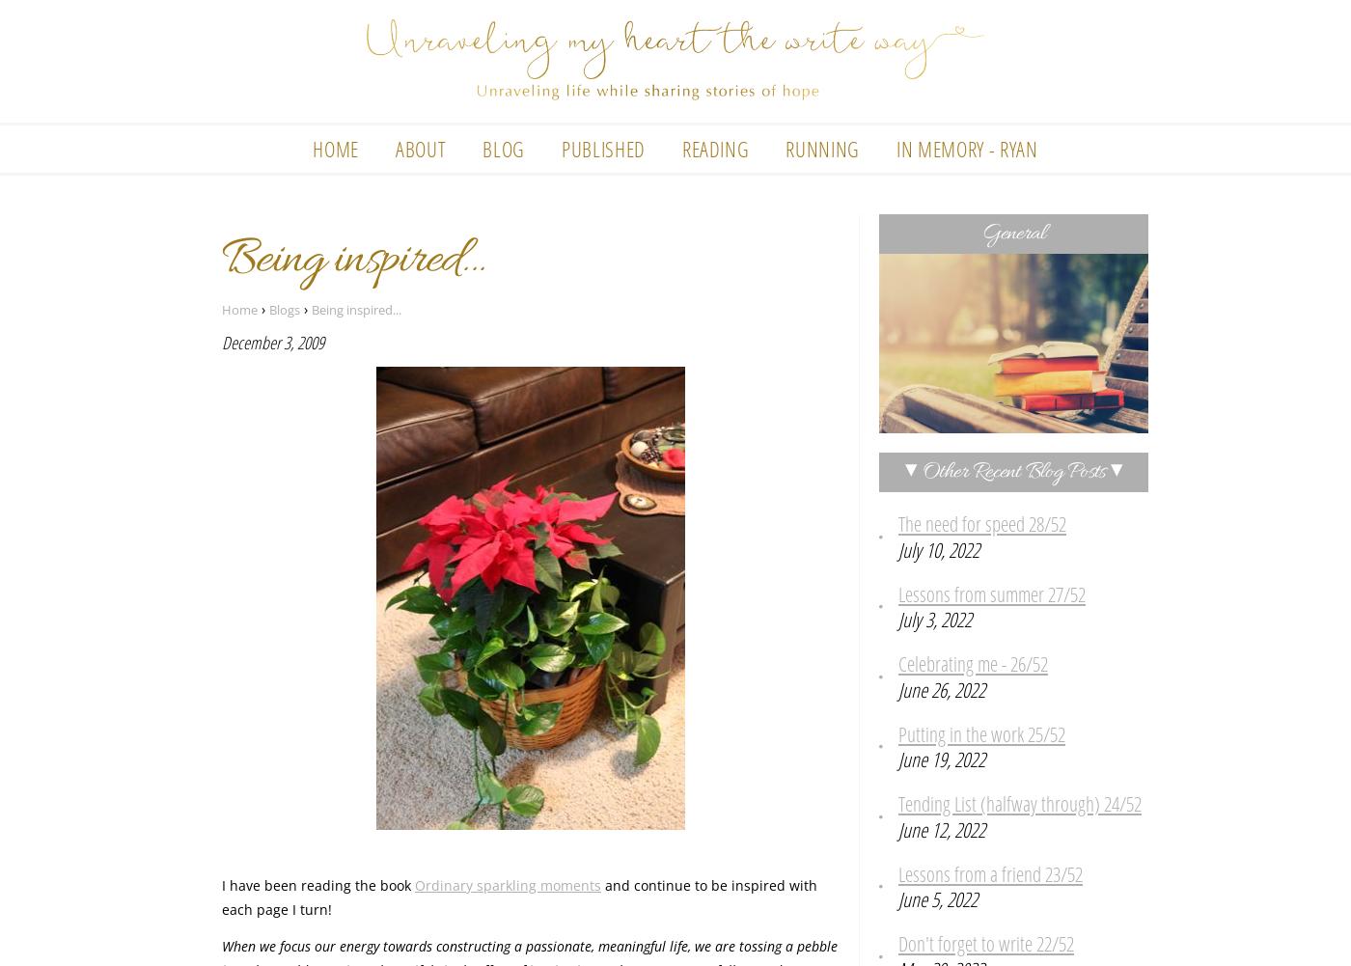  Describe the element at coordinates (990, 873) in the screenshot. I see `'Lessons from a friend 23/52'` at that location.